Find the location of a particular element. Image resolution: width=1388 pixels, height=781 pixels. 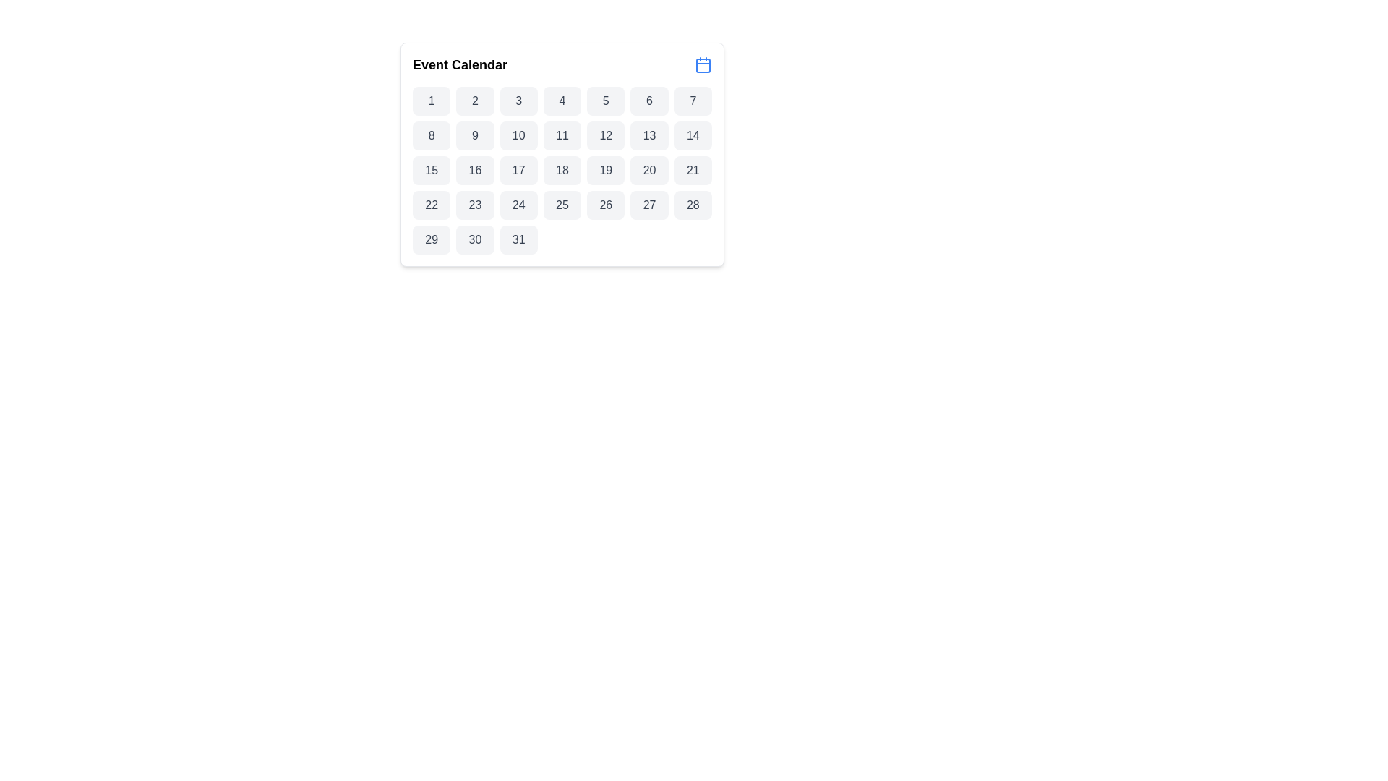

the square button labeled '20' with rounded corners and a soft gray background, located is located at coordinates (648, 169).